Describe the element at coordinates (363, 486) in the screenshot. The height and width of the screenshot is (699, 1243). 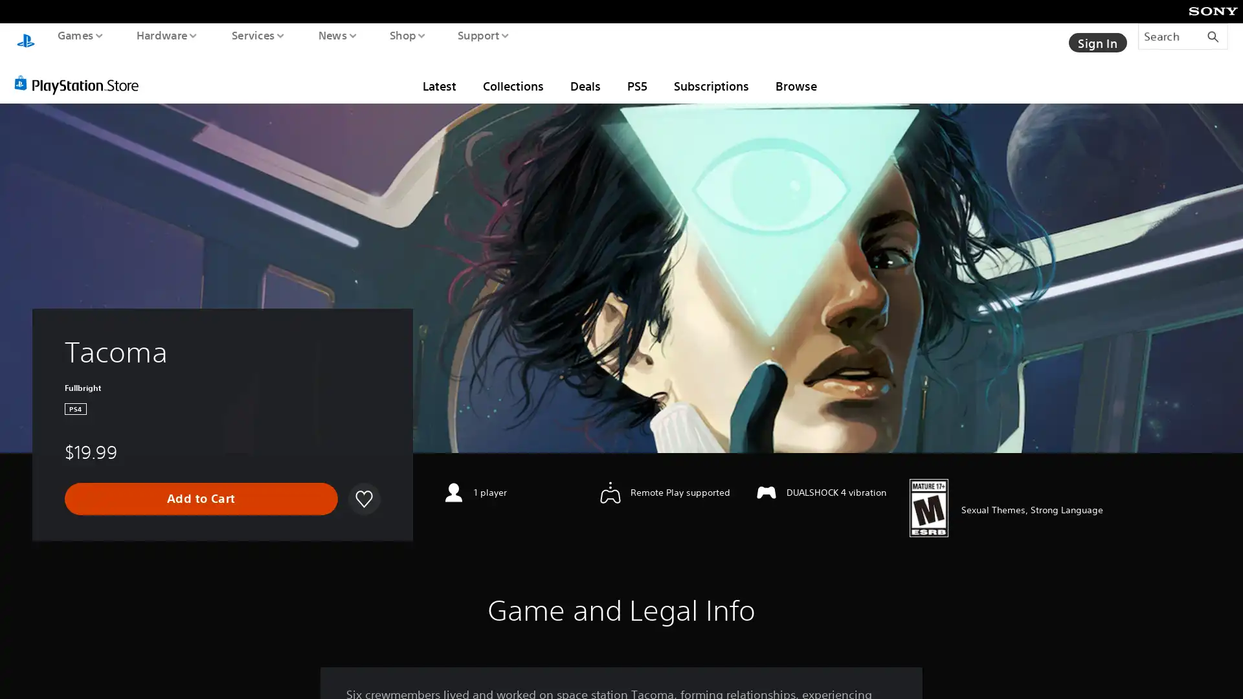
I see `Add to Wishlist` at that location.